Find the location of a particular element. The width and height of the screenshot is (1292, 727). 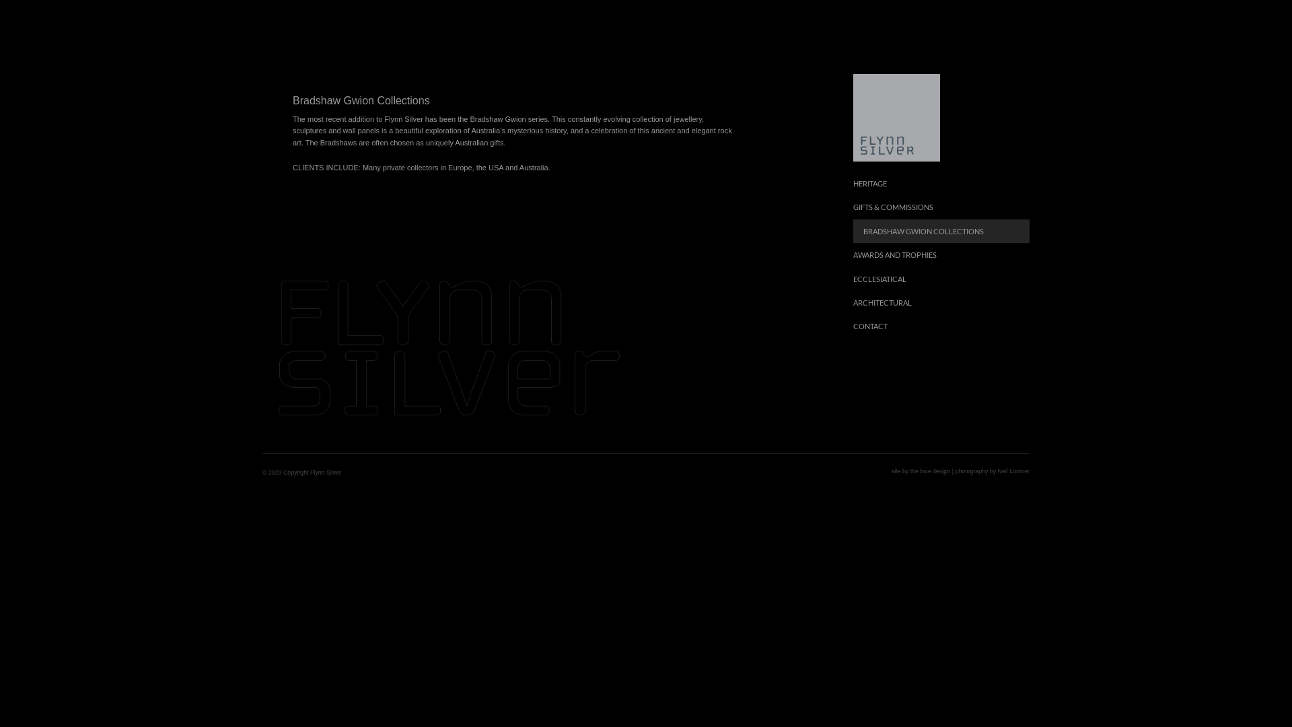

'HERITAGE' is located at coordinates (941, 183).